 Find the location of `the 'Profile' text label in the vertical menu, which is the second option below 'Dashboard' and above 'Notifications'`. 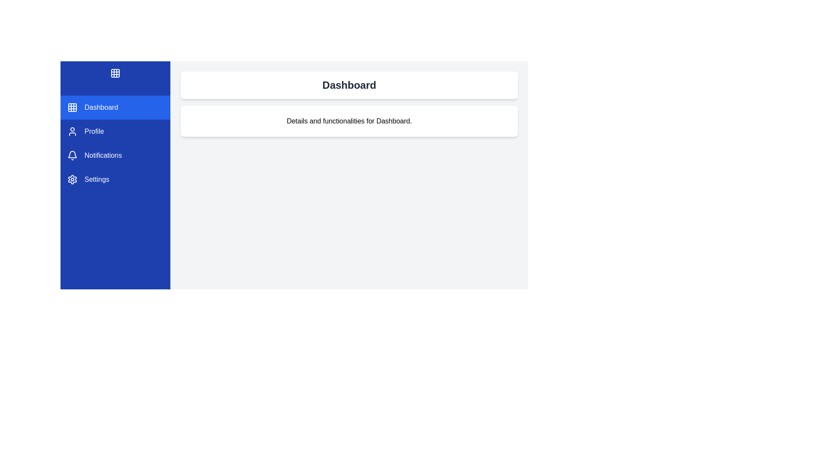

the 'Profile' text label in the vertical menu, which is the second option below 'Dashboard' and above 'Notifications' is located at coordinates (94, 132).